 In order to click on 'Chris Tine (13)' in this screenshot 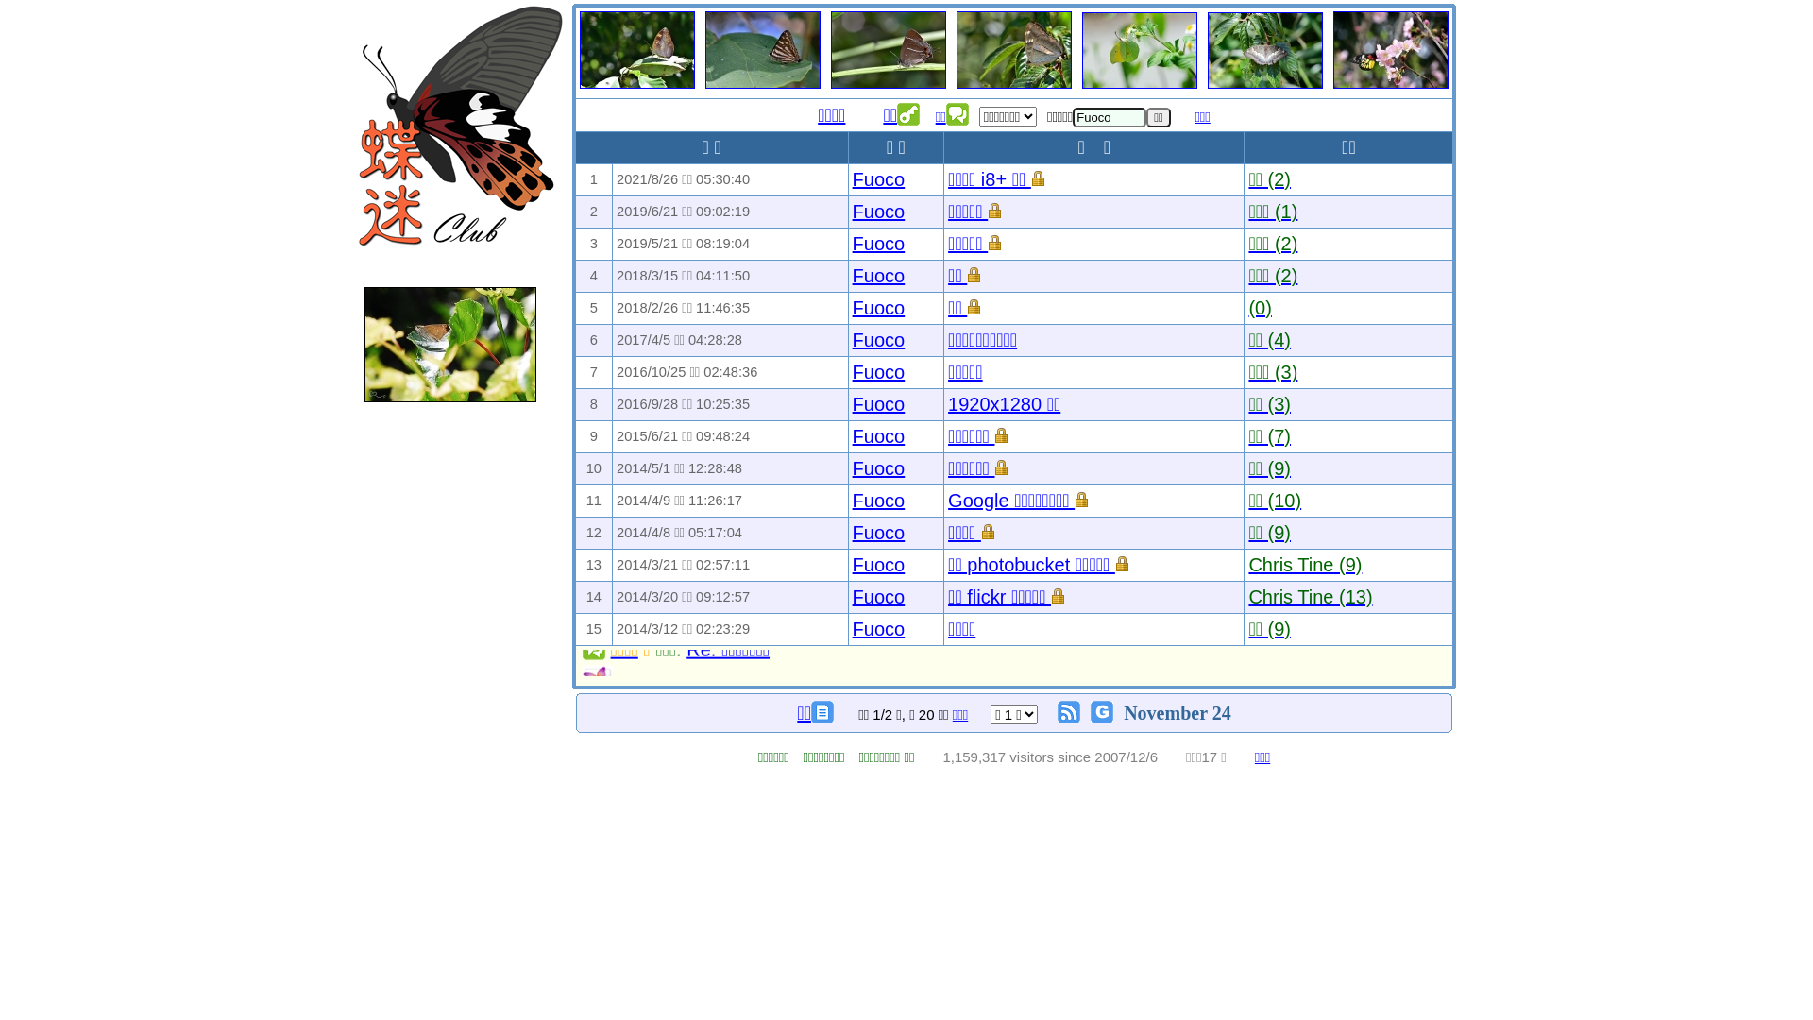, I will do `click(1309, 597)`.